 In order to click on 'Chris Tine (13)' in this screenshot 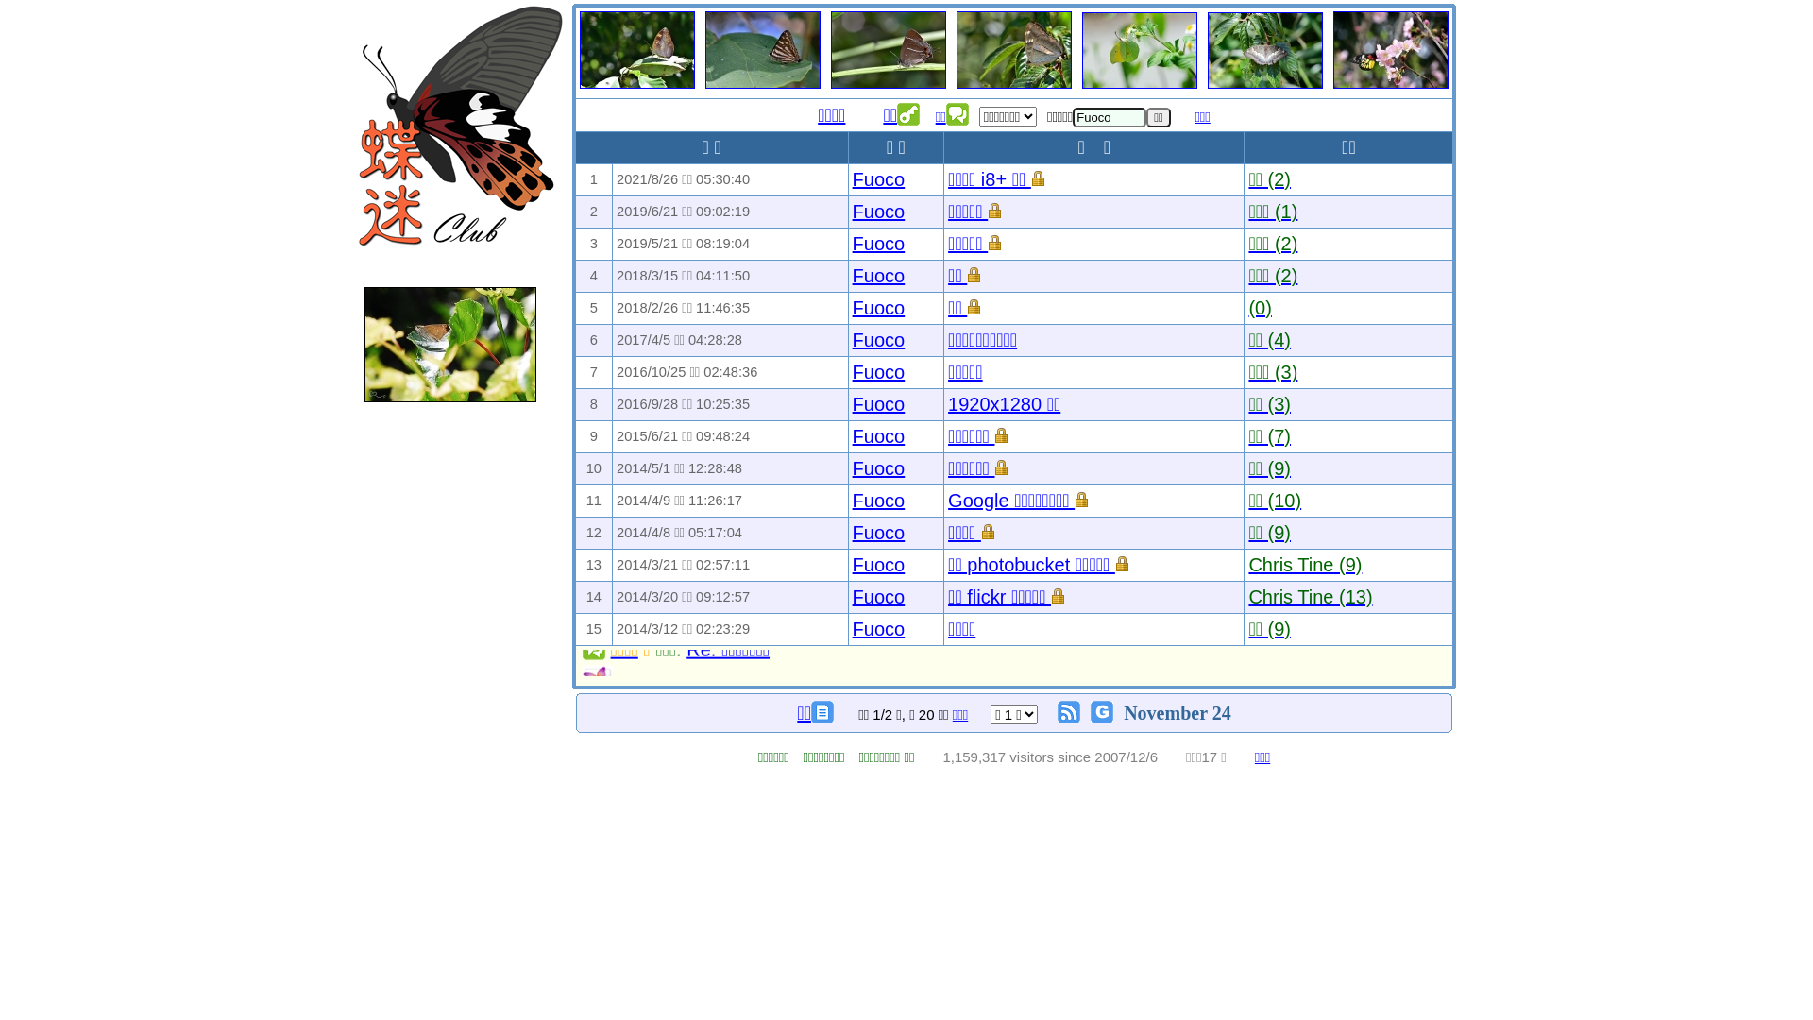, I will do `click(1309, 597)`.